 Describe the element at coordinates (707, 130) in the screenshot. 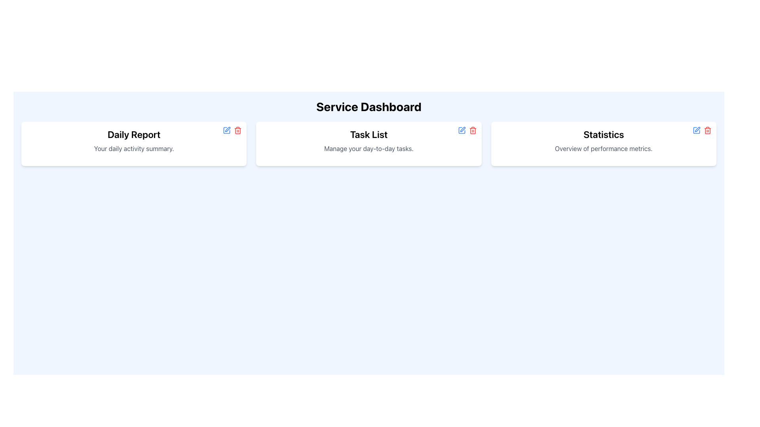

I see `the red trash icon button located in the top-right corner of the 'Statistics' card` at that location.